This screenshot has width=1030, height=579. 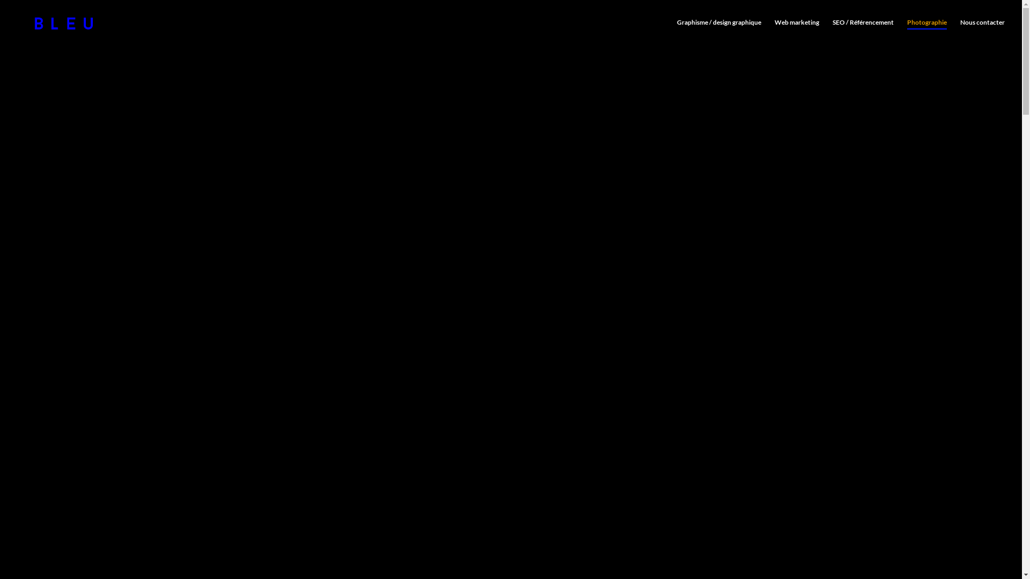 What do you see at coordinates (982, 31) in the screenshot?
I see `'Nous contacter'` at bounding box center [982, 31].